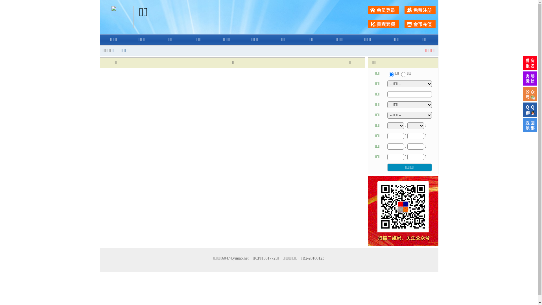  Describe the element at coordinates (391, 74) in the screenshot. I see `'ershou'` at that location.